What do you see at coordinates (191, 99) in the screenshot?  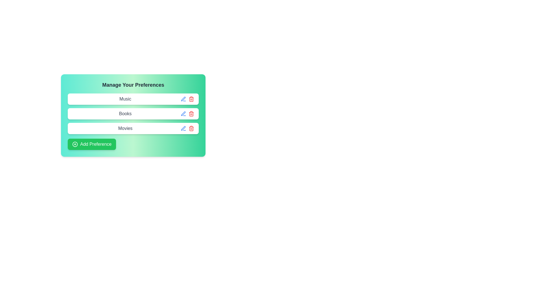 I see `delete button for the tag labeled Music` at bounding box center [191, 99].